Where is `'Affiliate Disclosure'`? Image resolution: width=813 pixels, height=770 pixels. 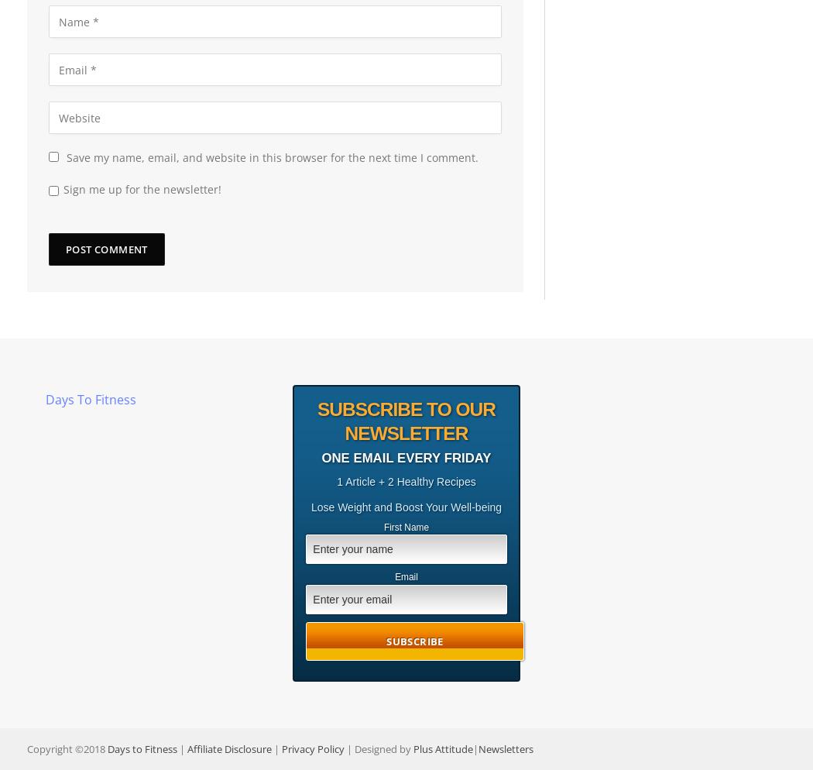
'Affiliate Disclosure' is located at coordinates (228, 747).